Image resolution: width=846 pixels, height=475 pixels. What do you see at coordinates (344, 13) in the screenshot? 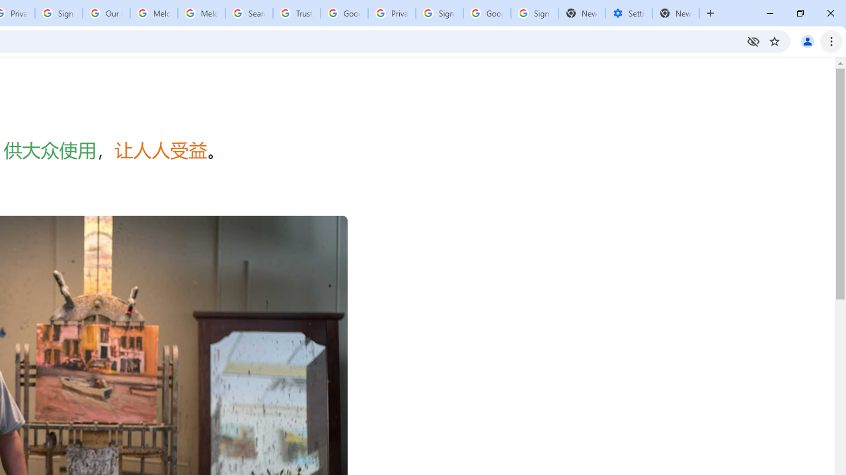
I see `'Google Ads - Sign in'` at bounding box center [344, 13].